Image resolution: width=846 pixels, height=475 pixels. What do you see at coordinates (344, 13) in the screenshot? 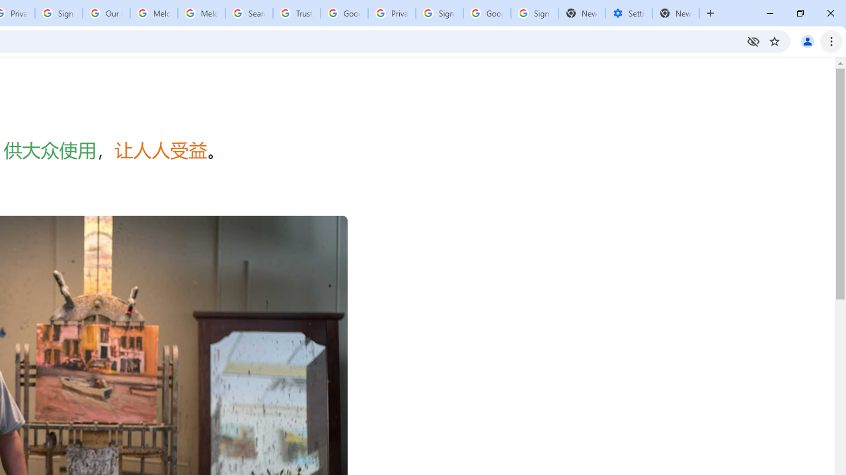
I see `'Google Ads - Sign in'` at bounding box center [344, 13].